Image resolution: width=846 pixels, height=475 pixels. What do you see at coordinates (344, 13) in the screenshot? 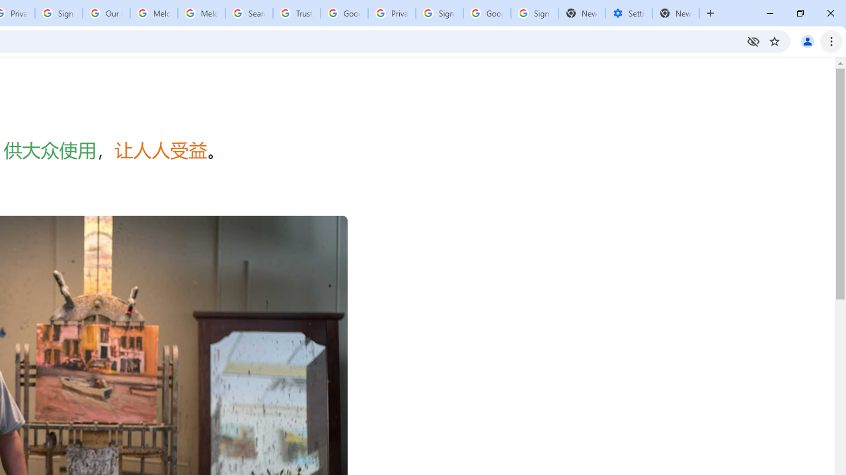
I see `'Google Ads - Sign in'` at bounding box center [344, 13].